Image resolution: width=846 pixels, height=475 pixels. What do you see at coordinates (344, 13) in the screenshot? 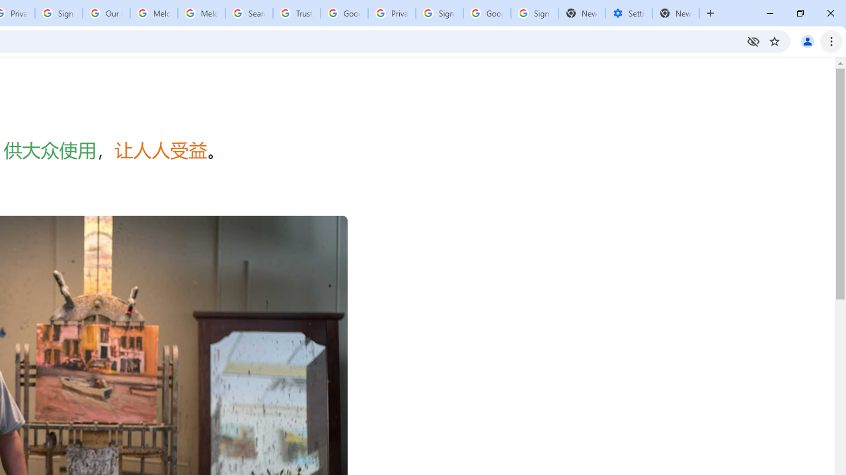
I see `'Google Ads - Sign in'` at bounding box center [344, 13].